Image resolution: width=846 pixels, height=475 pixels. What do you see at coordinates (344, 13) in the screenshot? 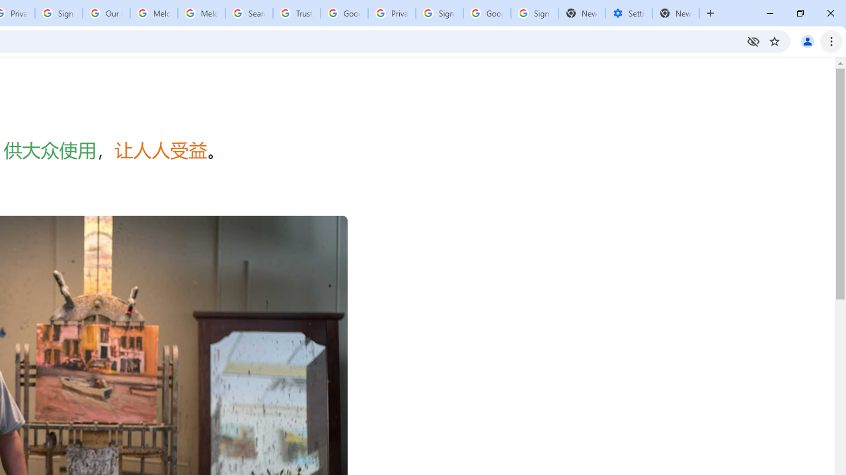
I see `'Google Ads - Sign in'` at bounding box center [344, 13].